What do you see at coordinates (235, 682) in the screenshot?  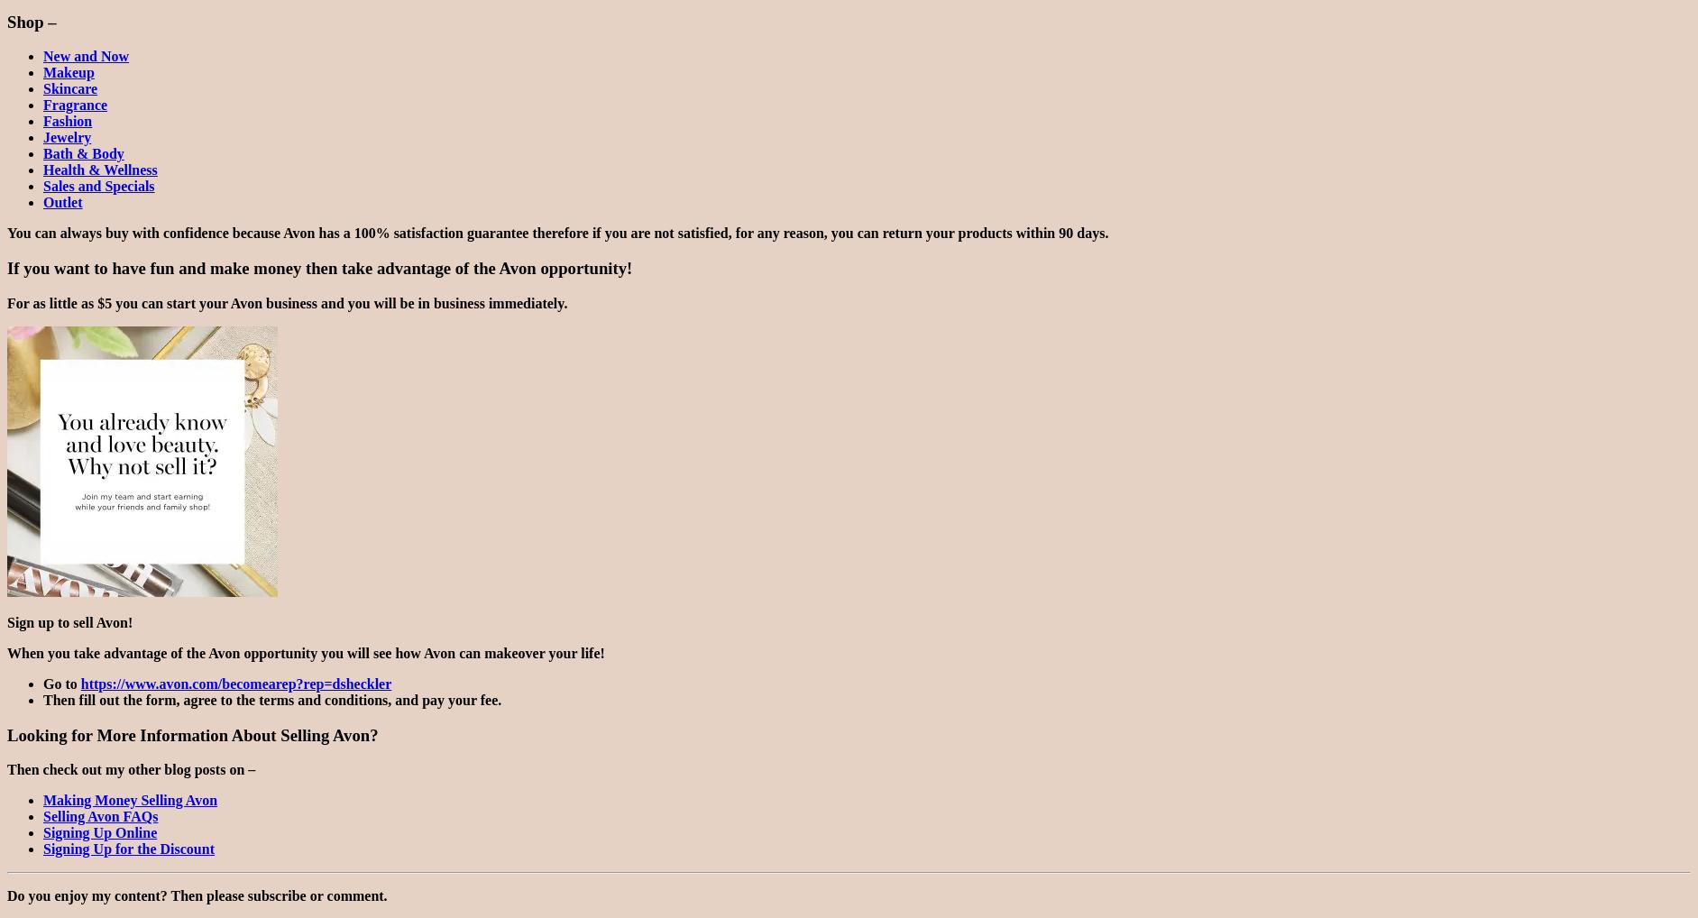 I see `'https://www.avon.com/becomearep?rep=dsheckler'` at bounding box center [235, 682].